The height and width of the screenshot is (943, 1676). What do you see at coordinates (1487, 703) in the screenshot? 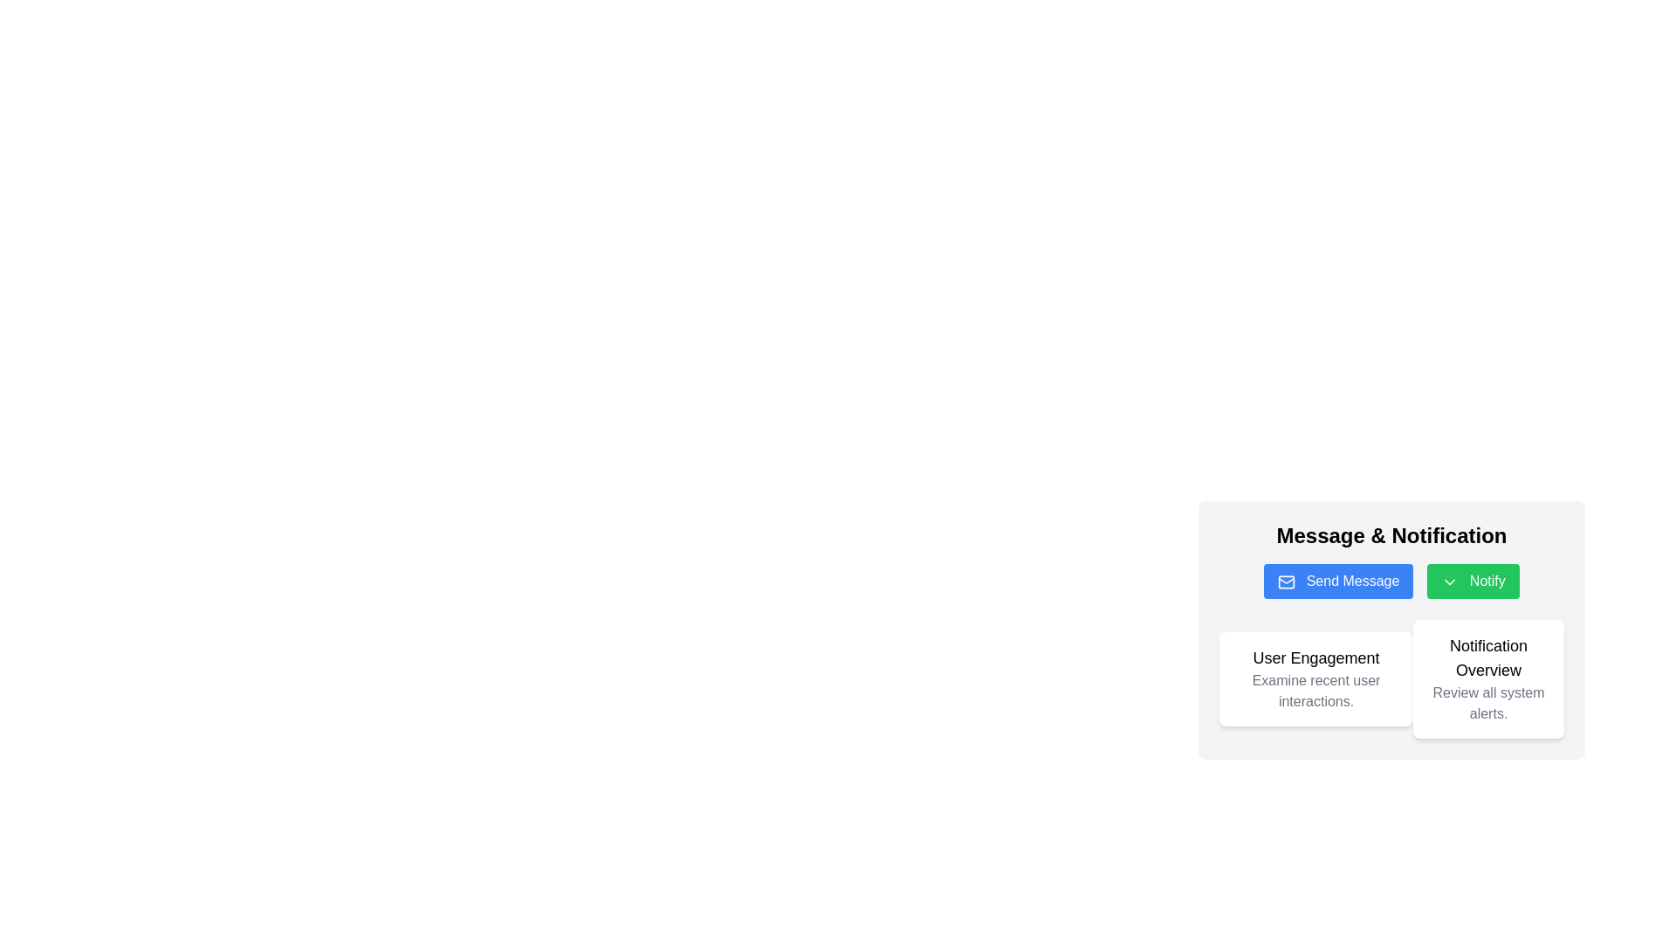
I see `the text element styled in gray font that reads 'Review all system alerts.', which is located below the main heading 'Notification Overview' in the rightmost card of a two-card layout` at bounding box center [1487, 703].